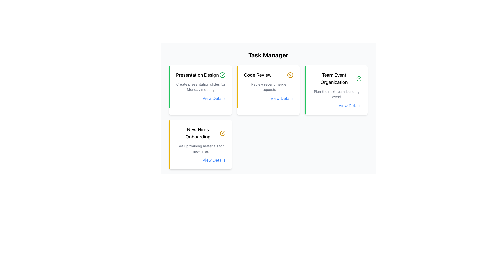  Describe the element at coordinates (282, 98) in the screenshot. I see `the 'View Details' hyperlink located in the lower-right area of the 'Code Review' card in the Task Manager interface` at that location.